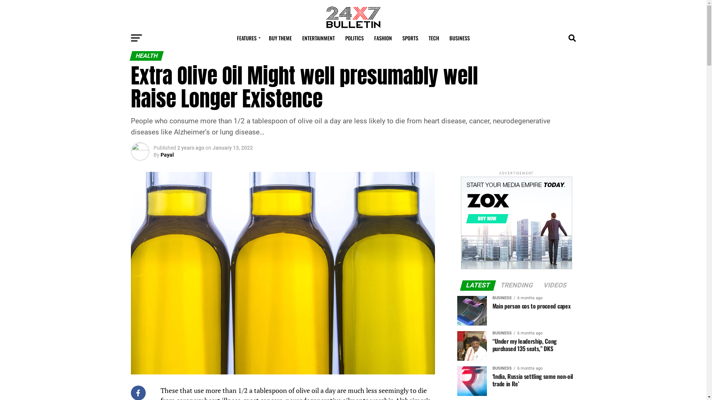 The width and height of the screenshot is (712, 400). Describe the element at coordinates (340, 38) in the screenshot. I see `'POLITICS'` at that location.